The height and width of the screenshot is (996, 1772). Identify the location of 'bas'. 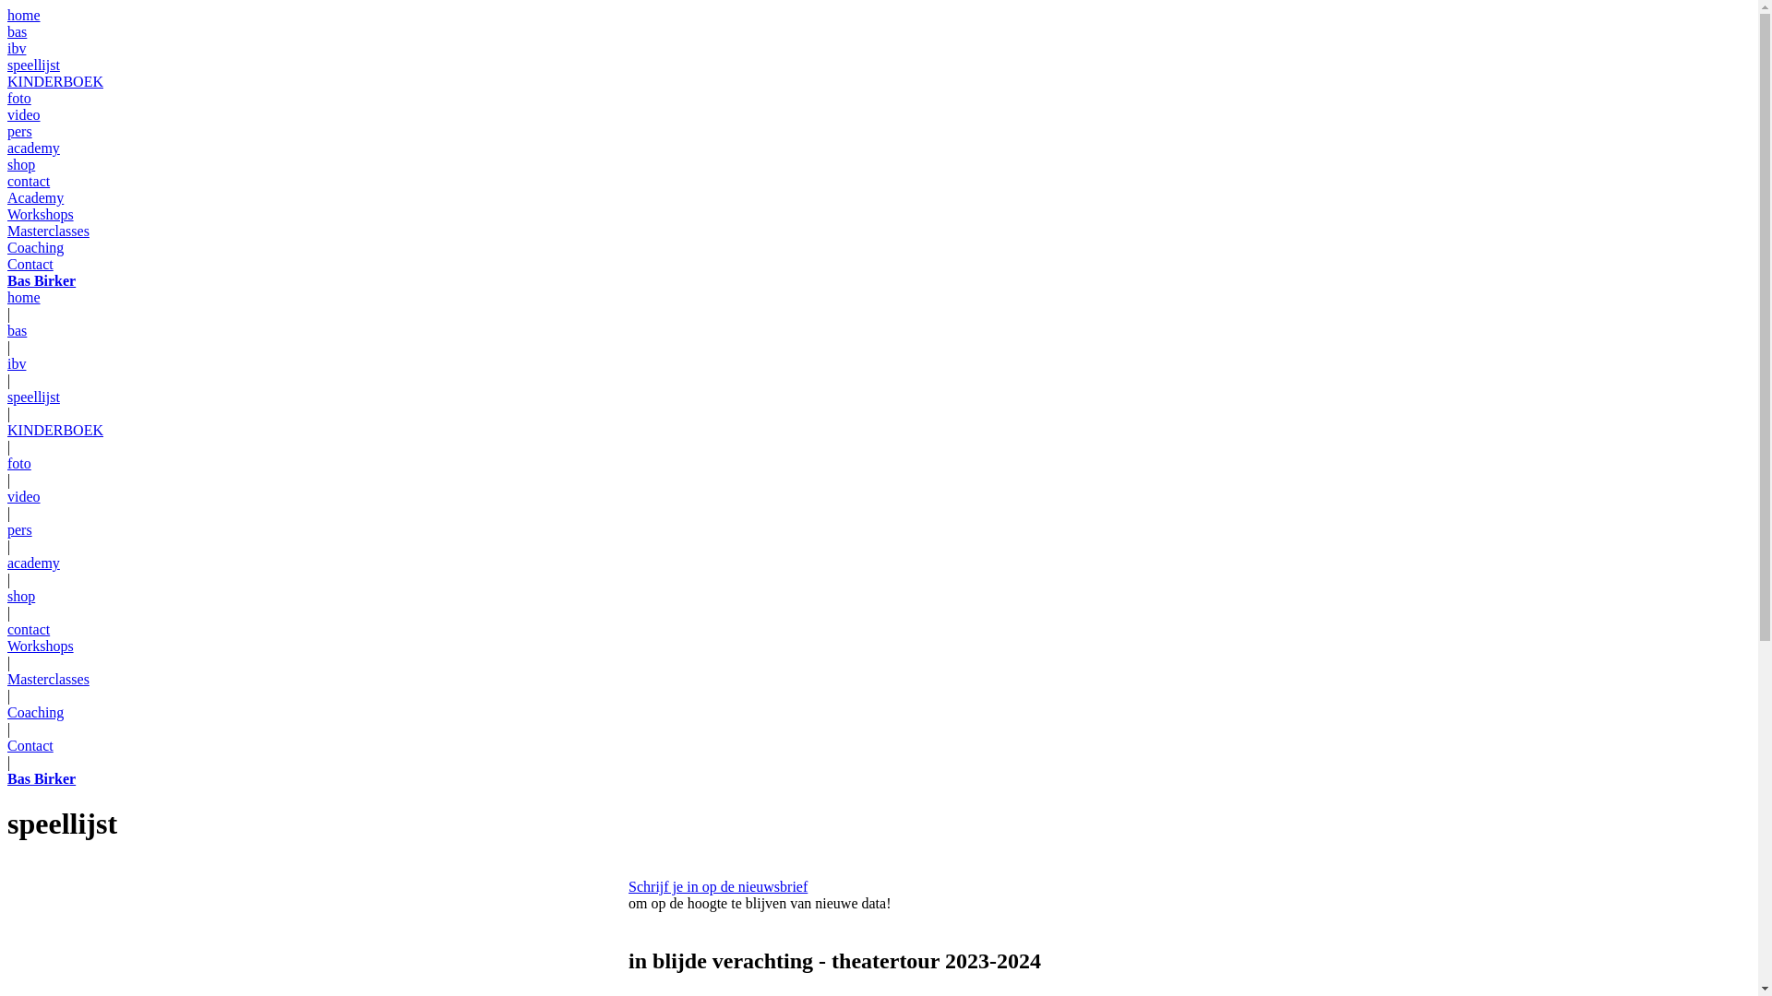
(7, 31).